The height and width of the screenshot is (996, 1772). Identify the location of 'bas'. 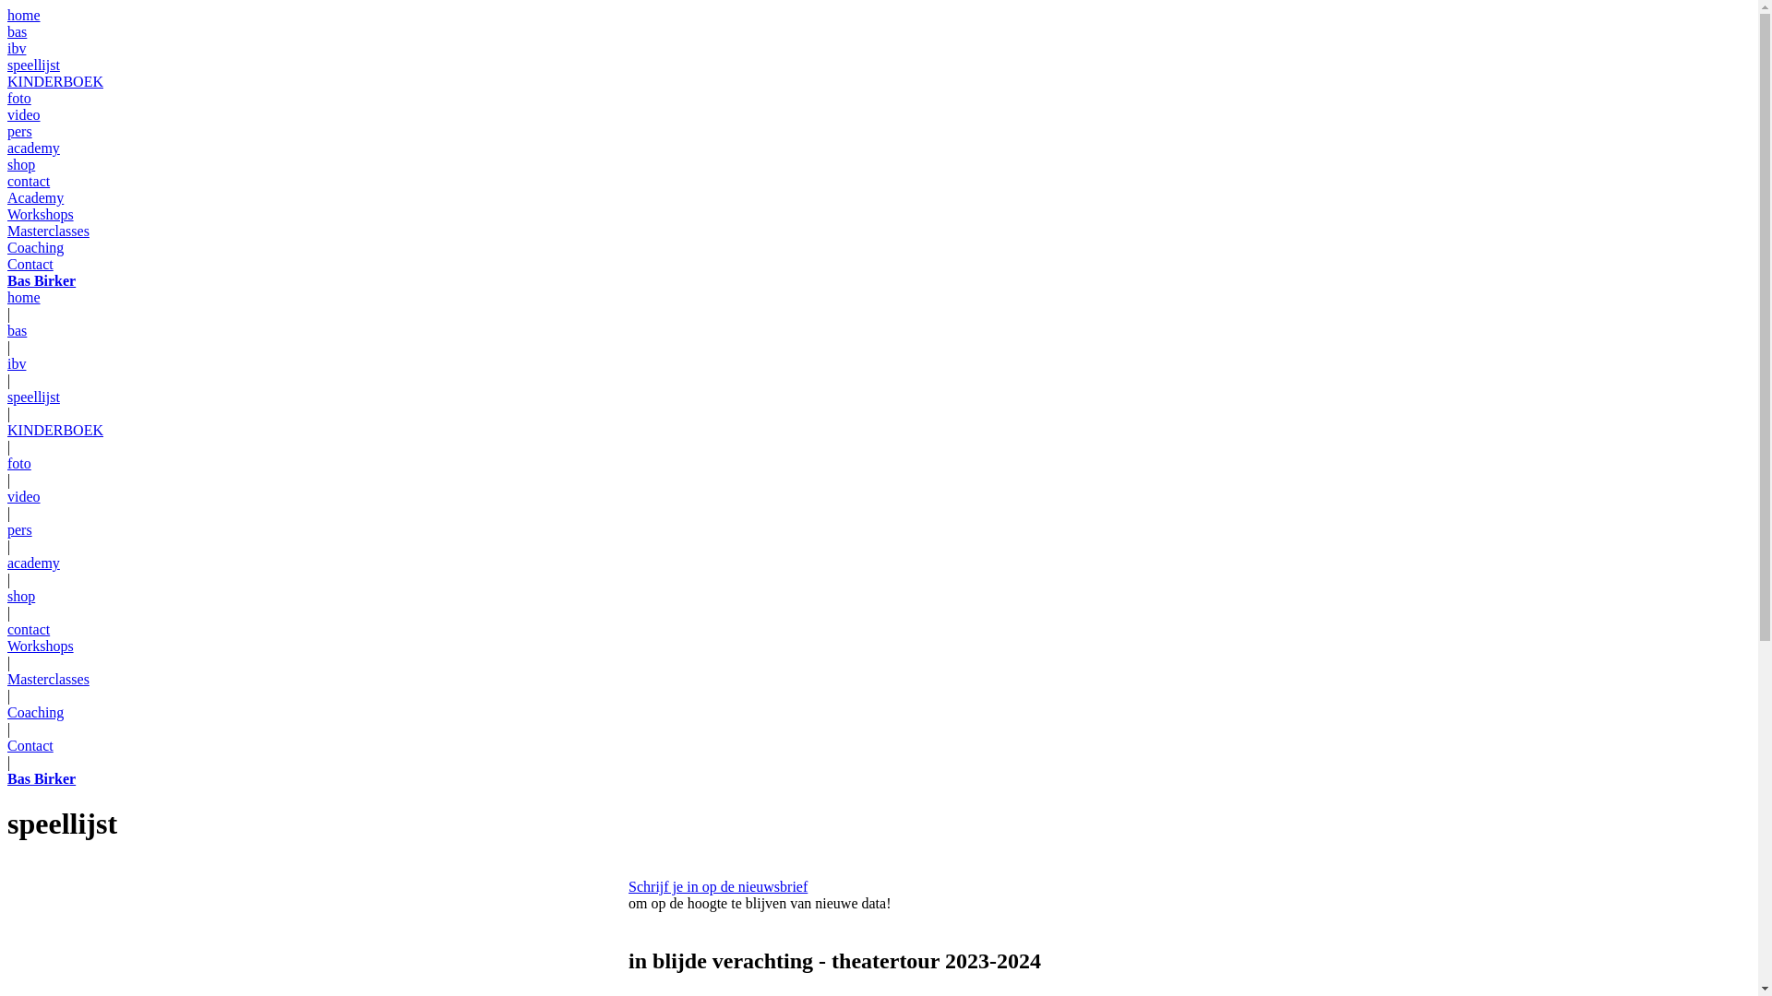
(7, 31).